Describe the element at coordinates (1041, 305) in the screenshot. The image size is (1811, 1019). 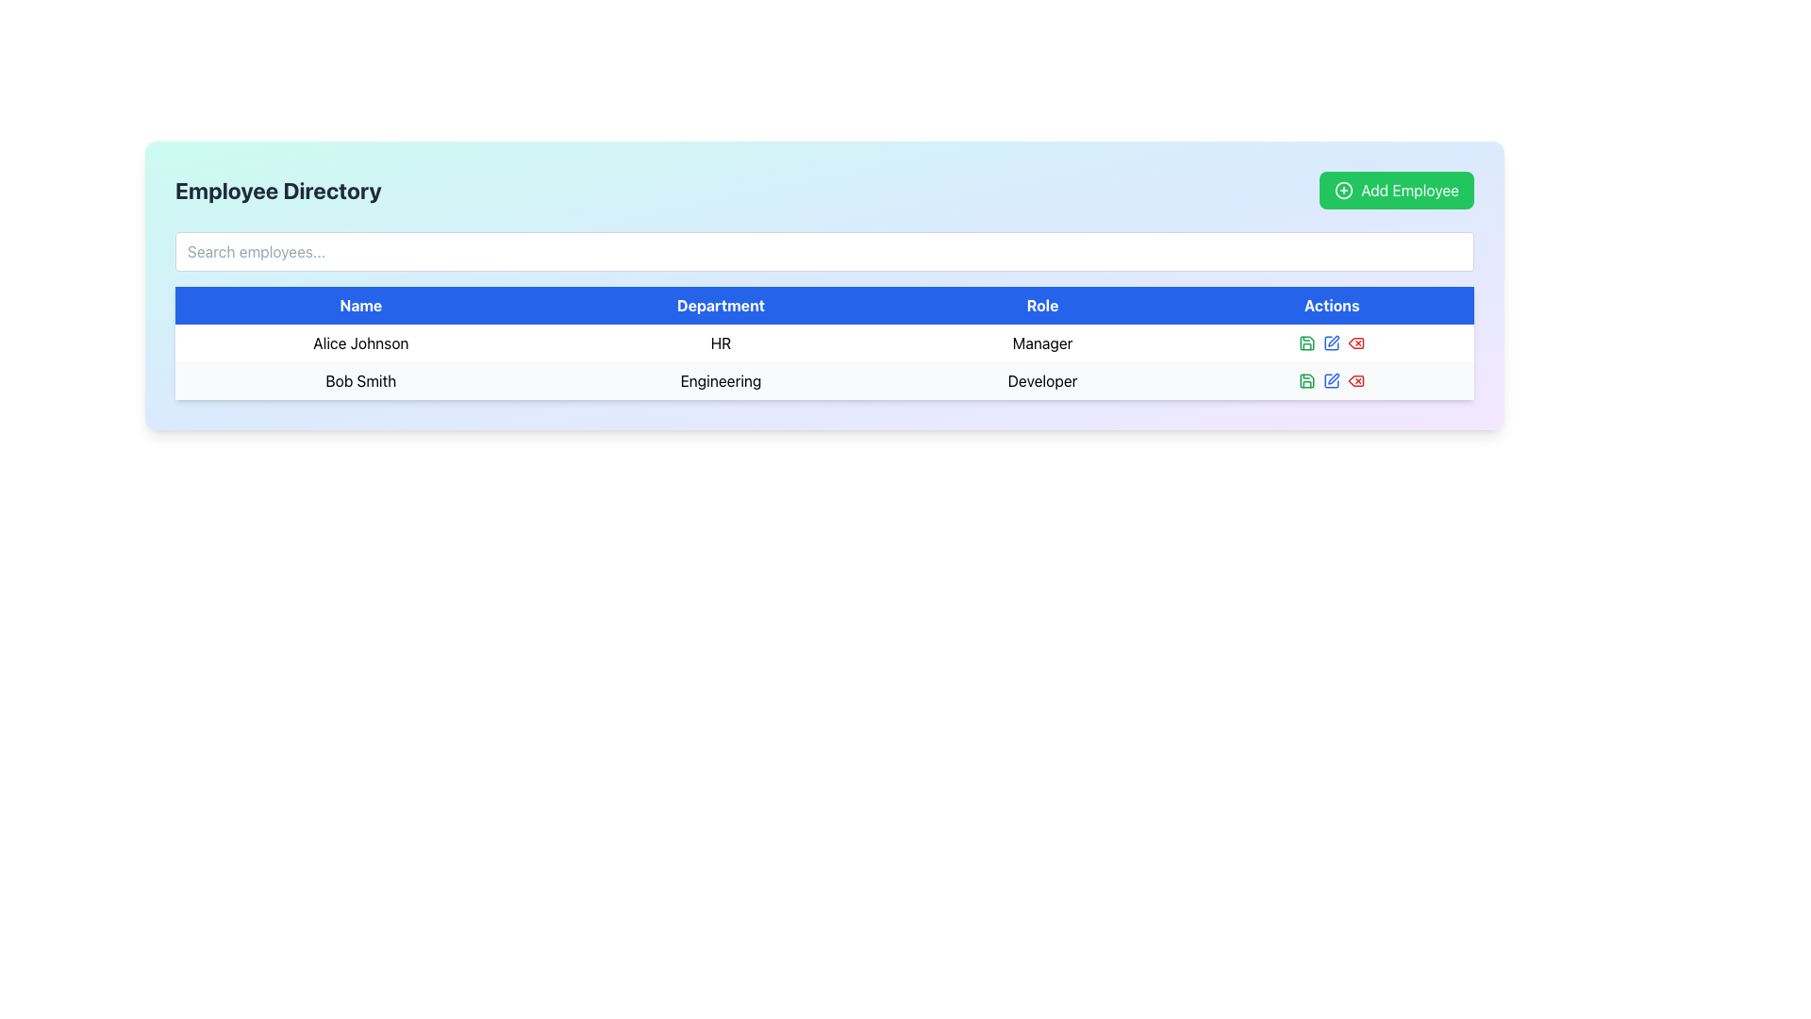
I see `the 'Role' column header in the table, which is positioned between the 'Department' and 'Actions' headers` at that location.